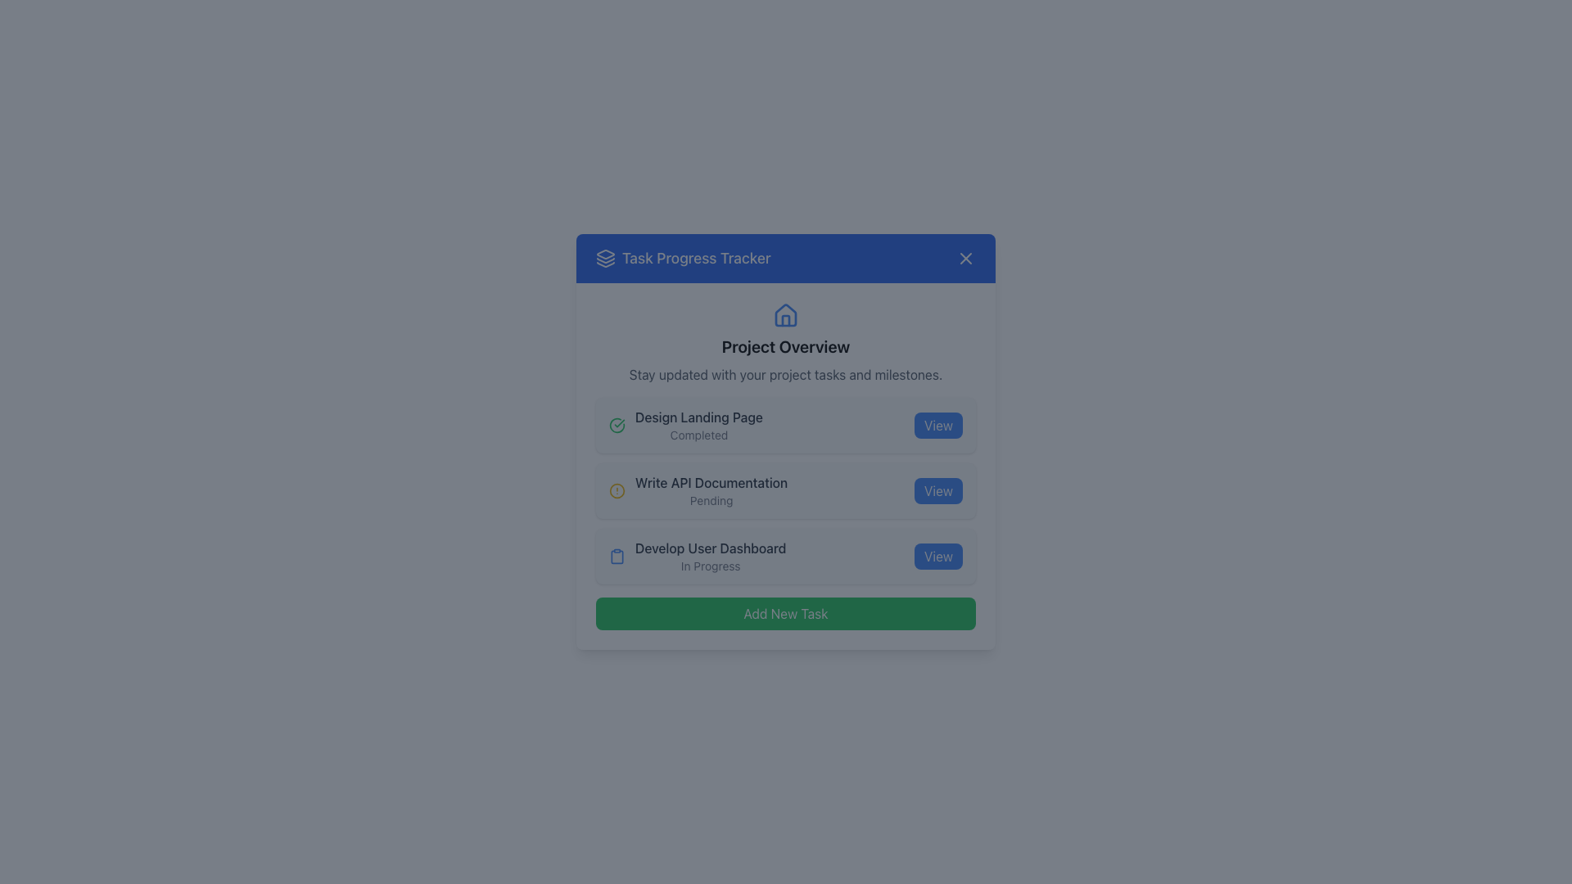 The width and height of the screenshot is (1572, 884). Describe the element at coordinates (938, 425) in the screenshot. I see `the 'View' button with rounded corners and a blue background located at the rightmost end of the task entry for 'Design Landing Page'` at that location.